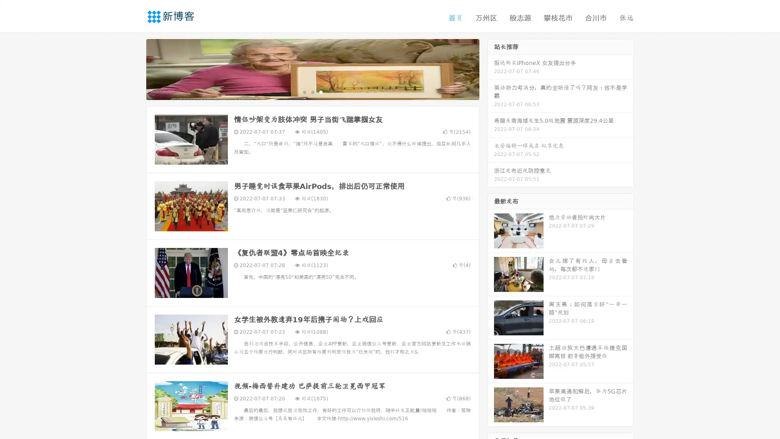 The image size is (780, 439). I want to click on Go to slide 3, so click(321, 91).